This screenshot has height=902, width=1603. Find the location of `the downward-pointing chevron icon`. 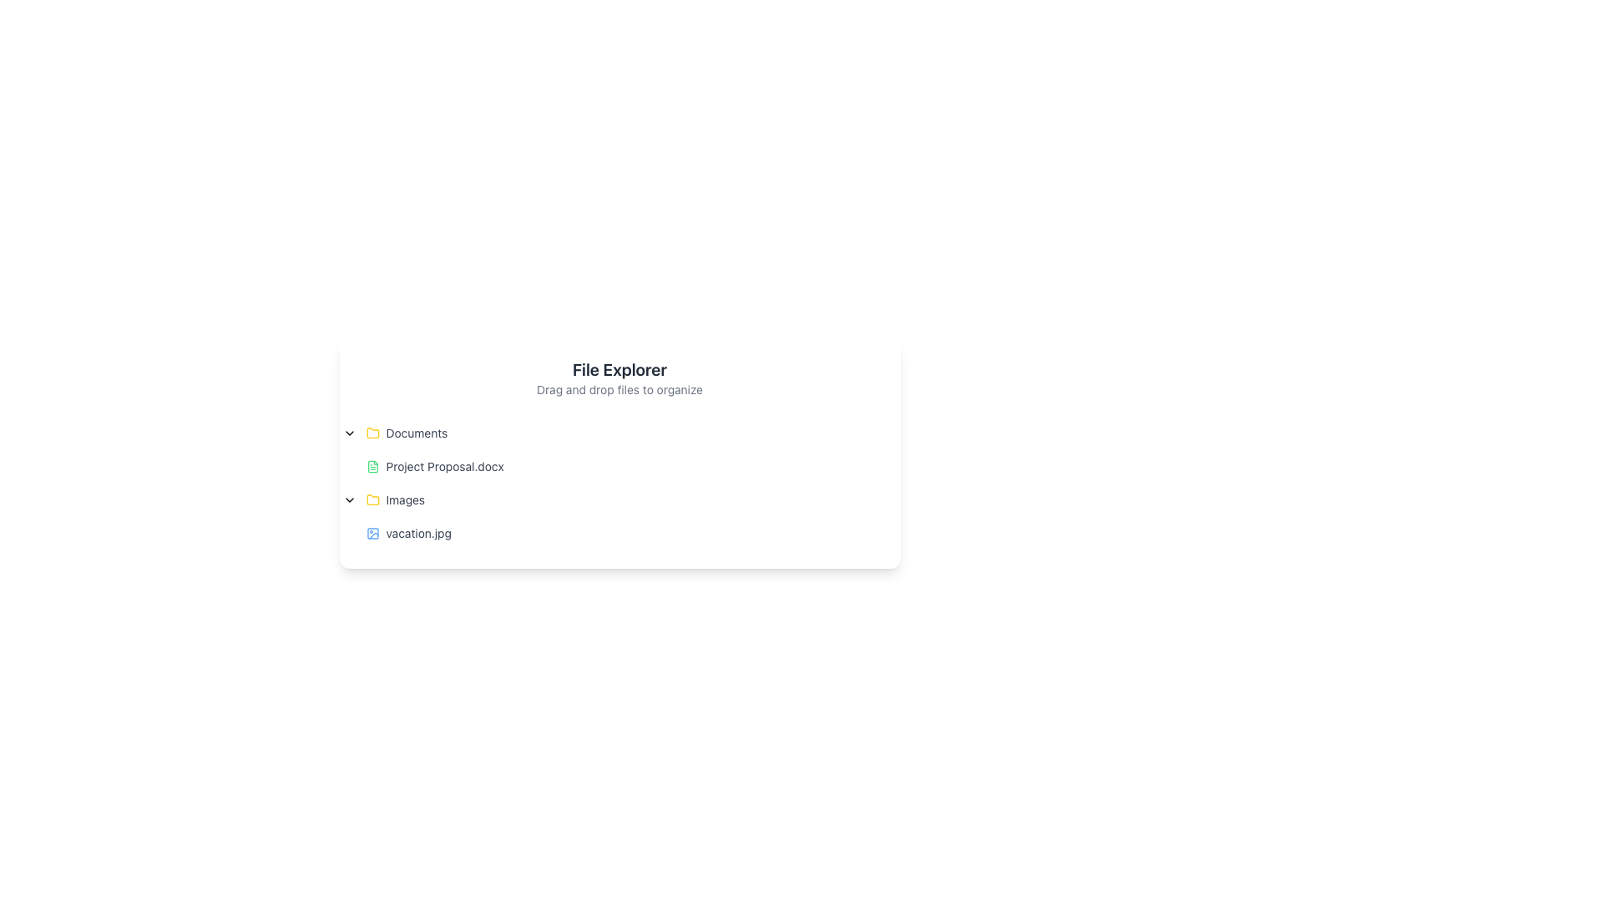

the downward-pointing chevron icon is located at coordinates (348, 499).